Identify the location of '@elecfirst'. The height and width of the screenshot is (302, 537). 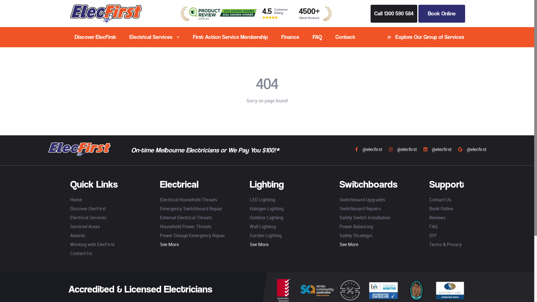
(369, 149).